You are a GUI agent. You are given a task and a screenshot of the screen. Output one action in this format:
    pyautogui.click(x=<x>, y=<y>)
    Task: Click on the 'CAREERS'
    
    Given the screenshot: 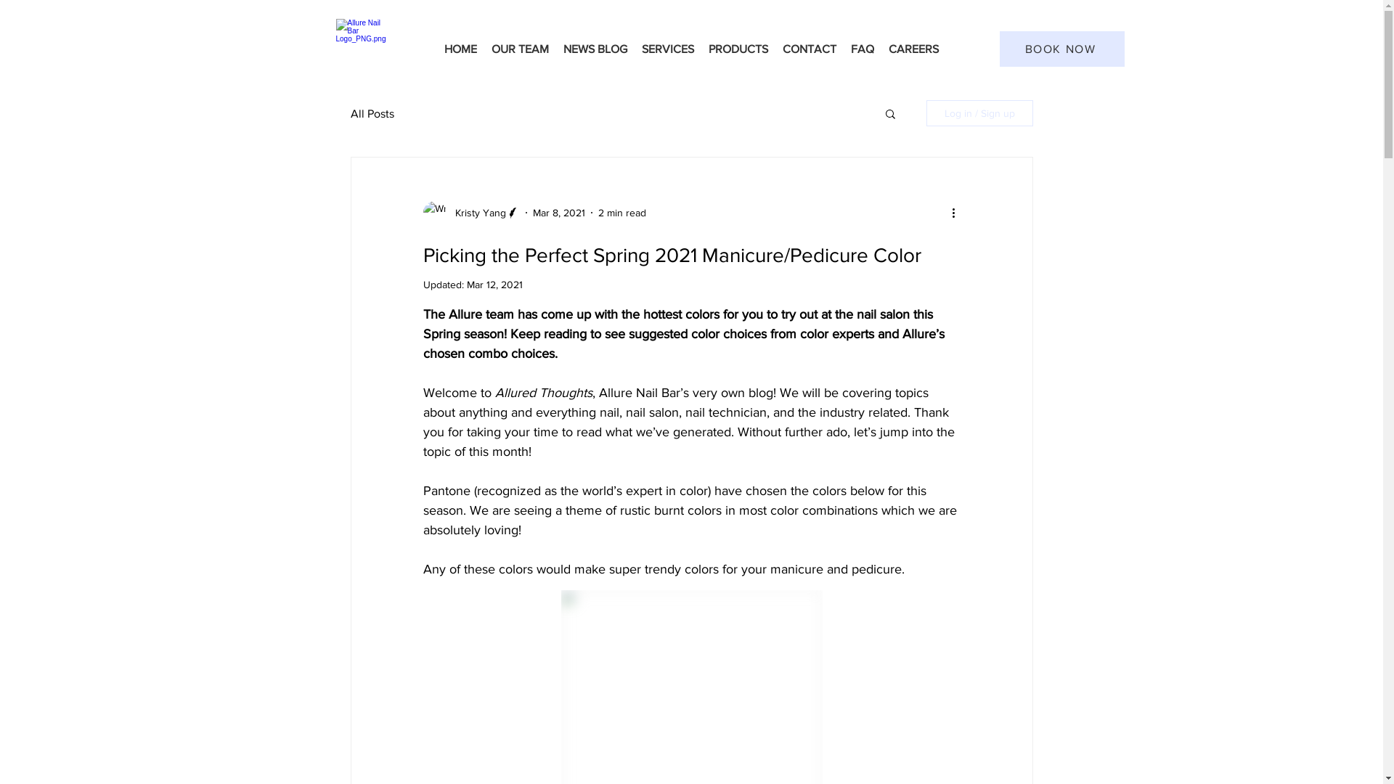 What is the action you would take?
    pyautogui.click(x=913, y=48)
    